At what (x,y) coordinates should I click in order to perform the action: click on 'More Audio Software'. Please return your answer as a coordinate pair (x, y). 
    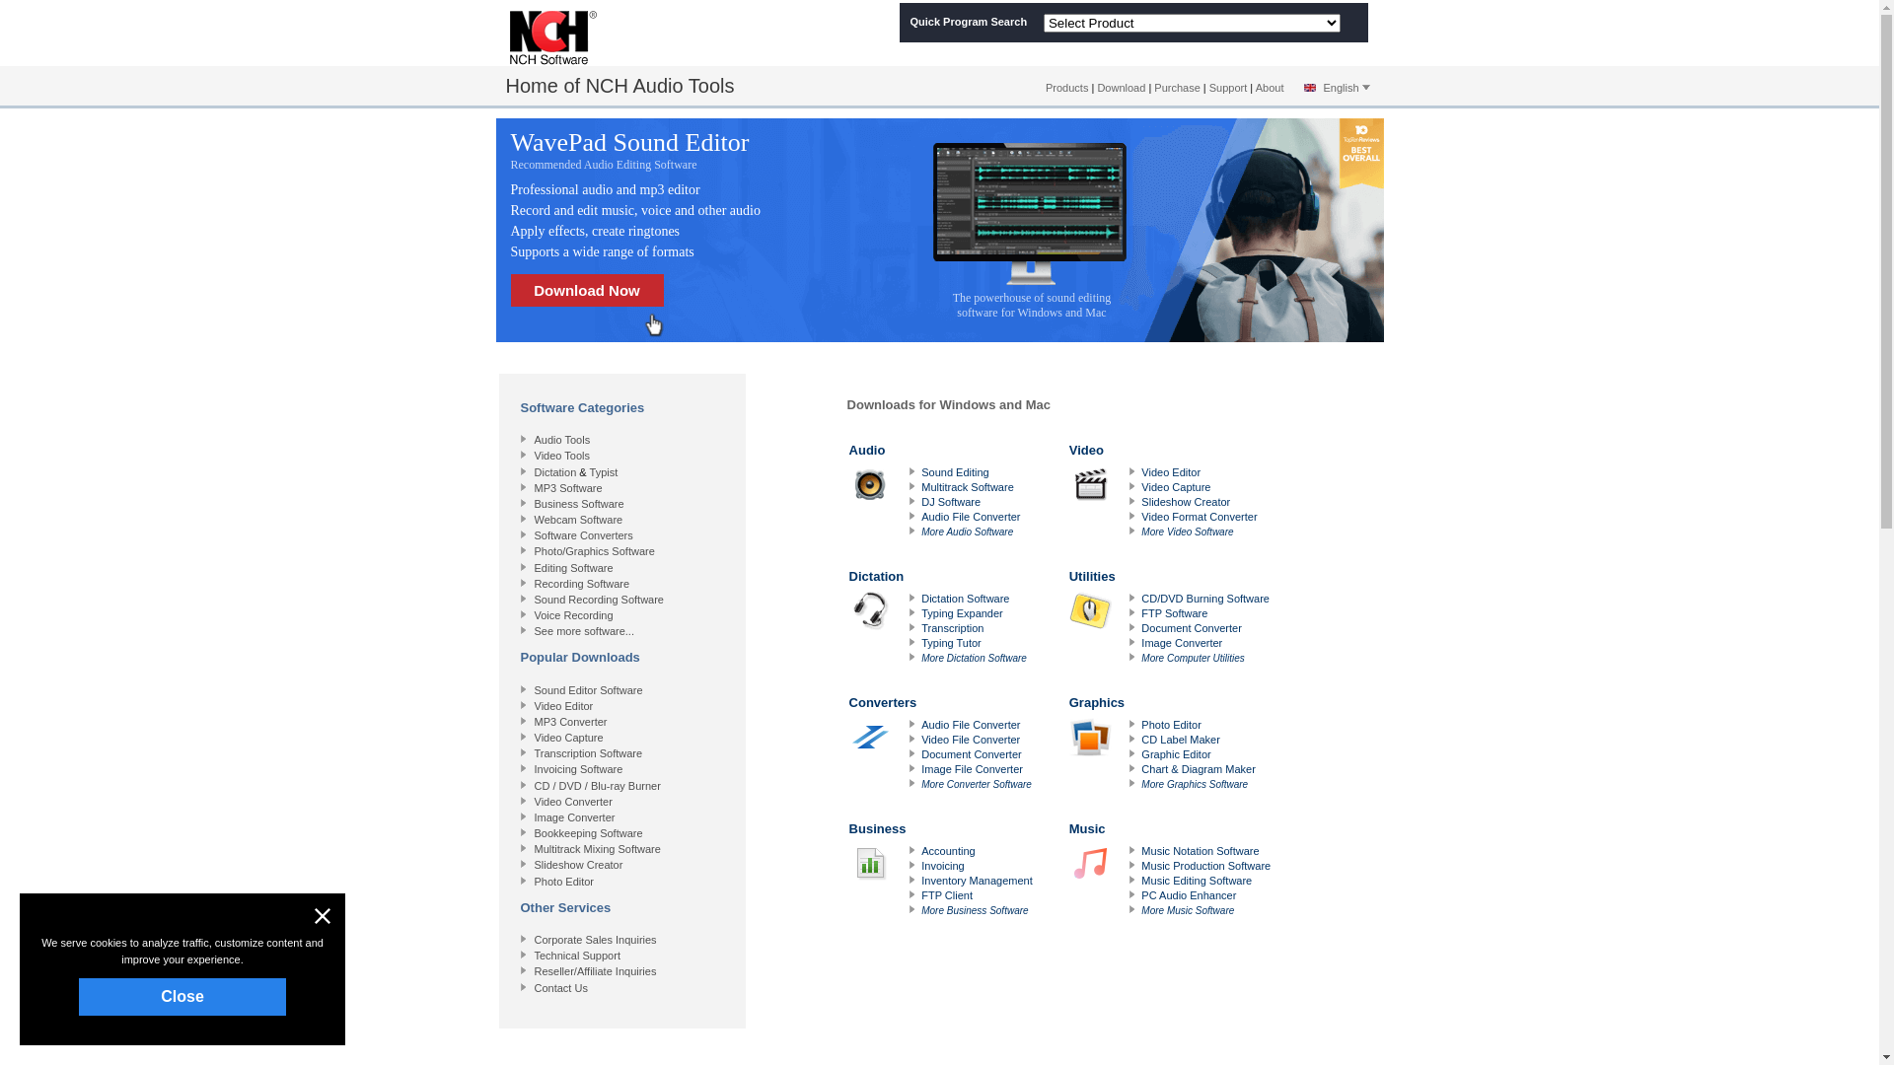
    Looking at the image, I should click on (967, 531).